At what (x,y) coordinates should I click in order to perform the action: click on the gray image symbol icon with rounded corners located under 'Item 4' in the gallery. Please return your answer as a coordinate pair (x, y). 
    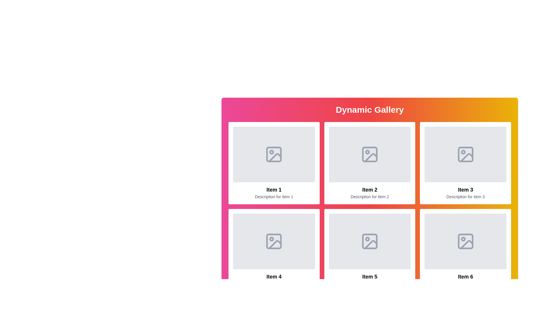
    Looking at the image, I should click on (274, 241).